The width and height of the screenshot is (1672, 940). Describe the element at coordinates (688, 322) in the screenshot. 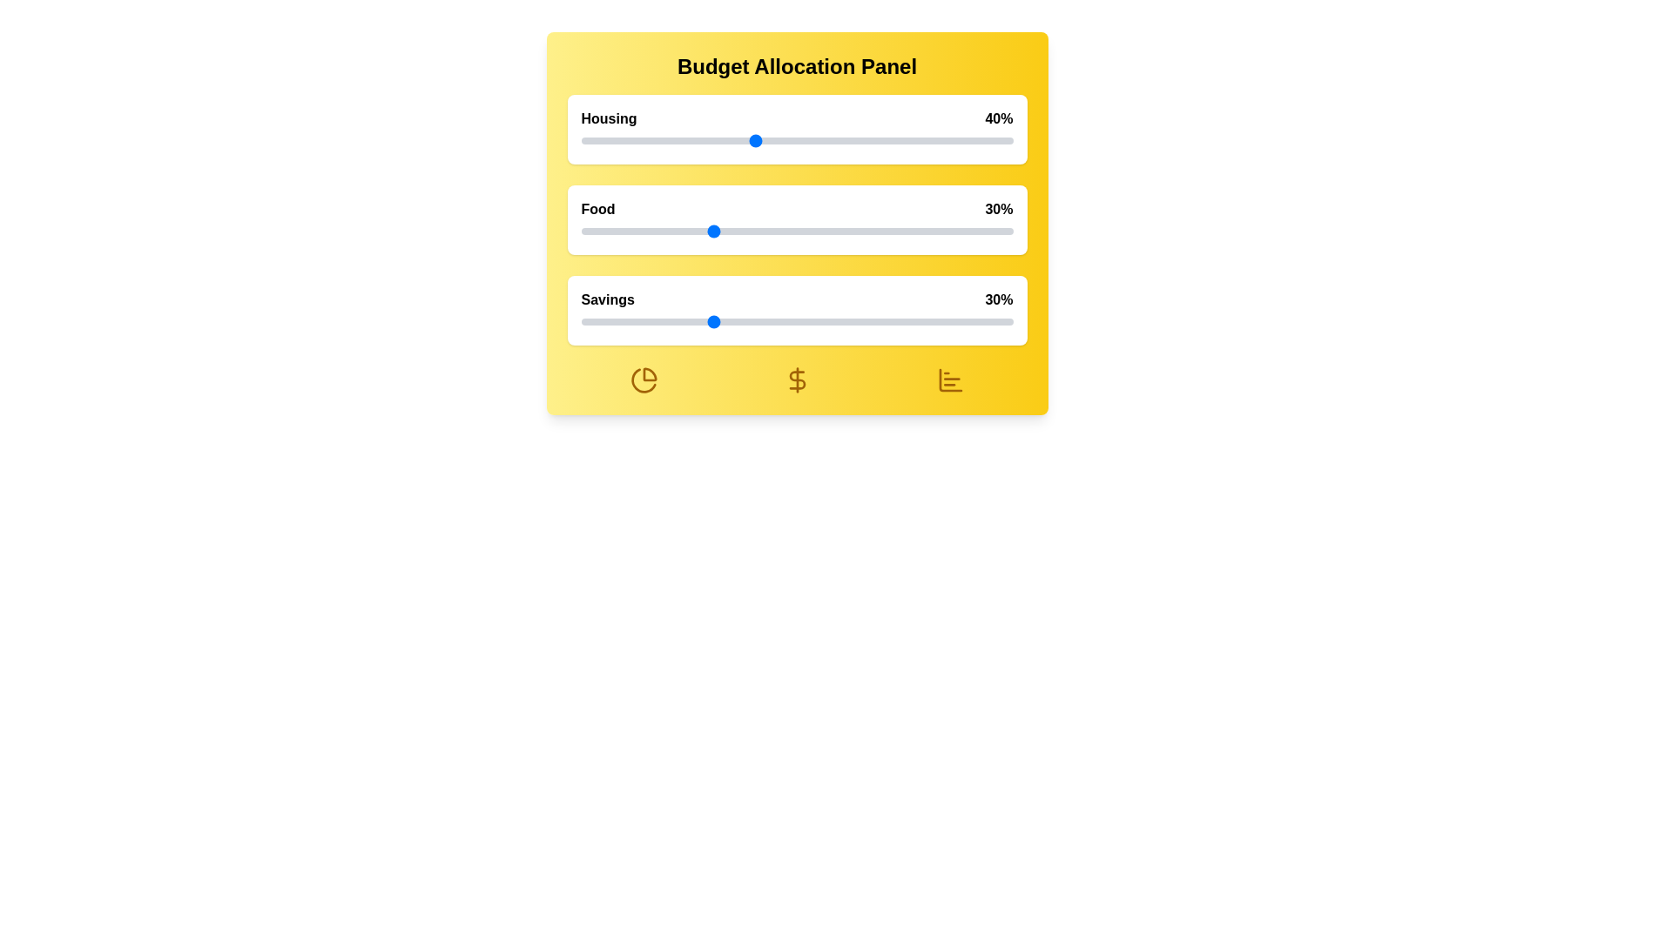

I see `the savings percentage` at that location.